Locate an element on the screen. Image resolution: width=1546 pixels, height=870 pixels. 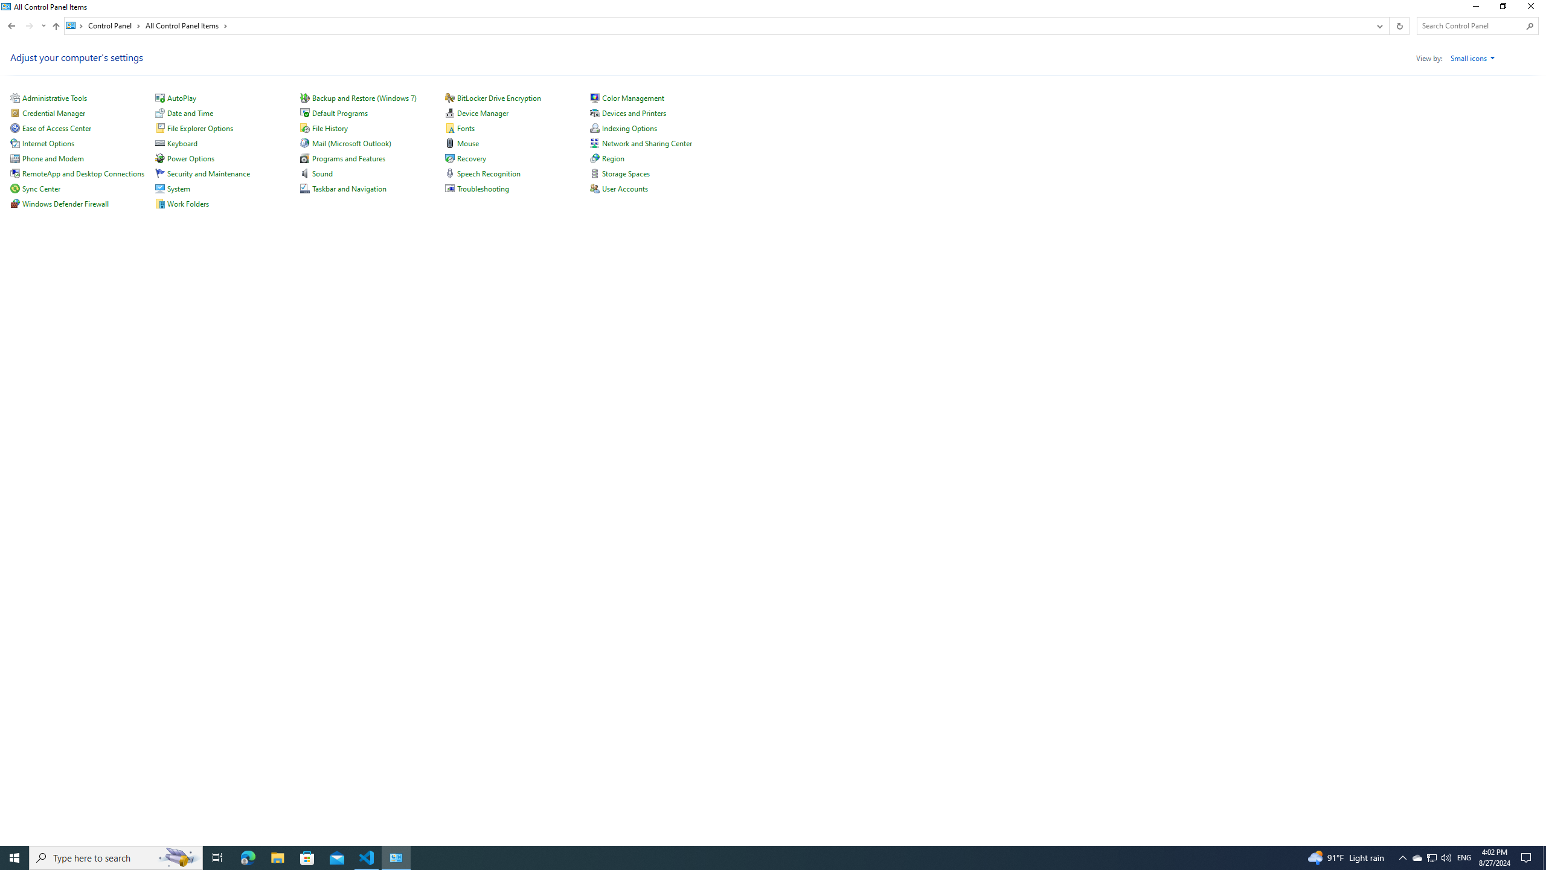
'Back to Control Panel (Alt + Left Arrow)' is located at coordinates (11, 25).